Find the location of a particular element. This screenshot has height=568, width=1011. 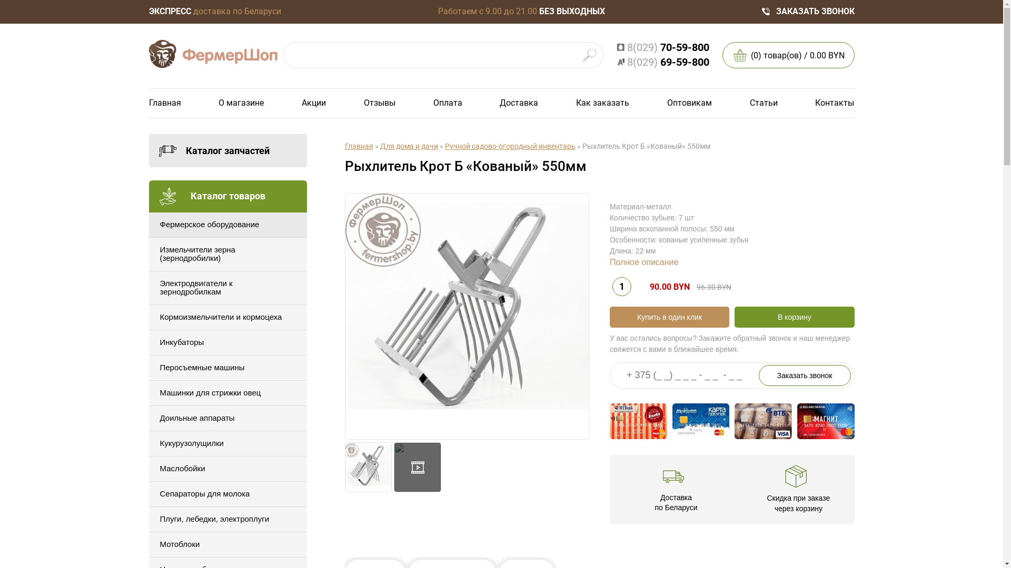

'8(029) 69-59-800' is located at coordinates (661, 62).